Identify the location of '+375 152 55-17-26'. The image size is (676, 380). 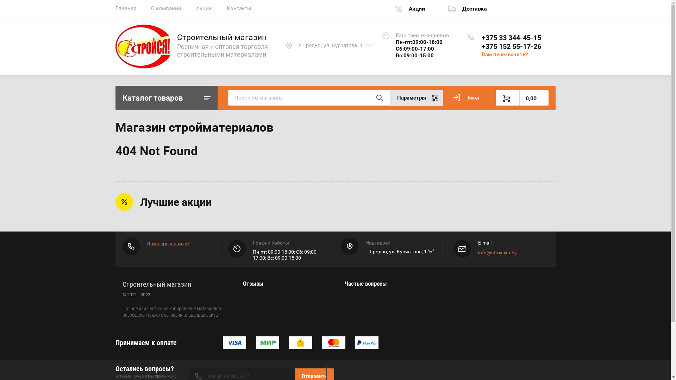
(511, 46).